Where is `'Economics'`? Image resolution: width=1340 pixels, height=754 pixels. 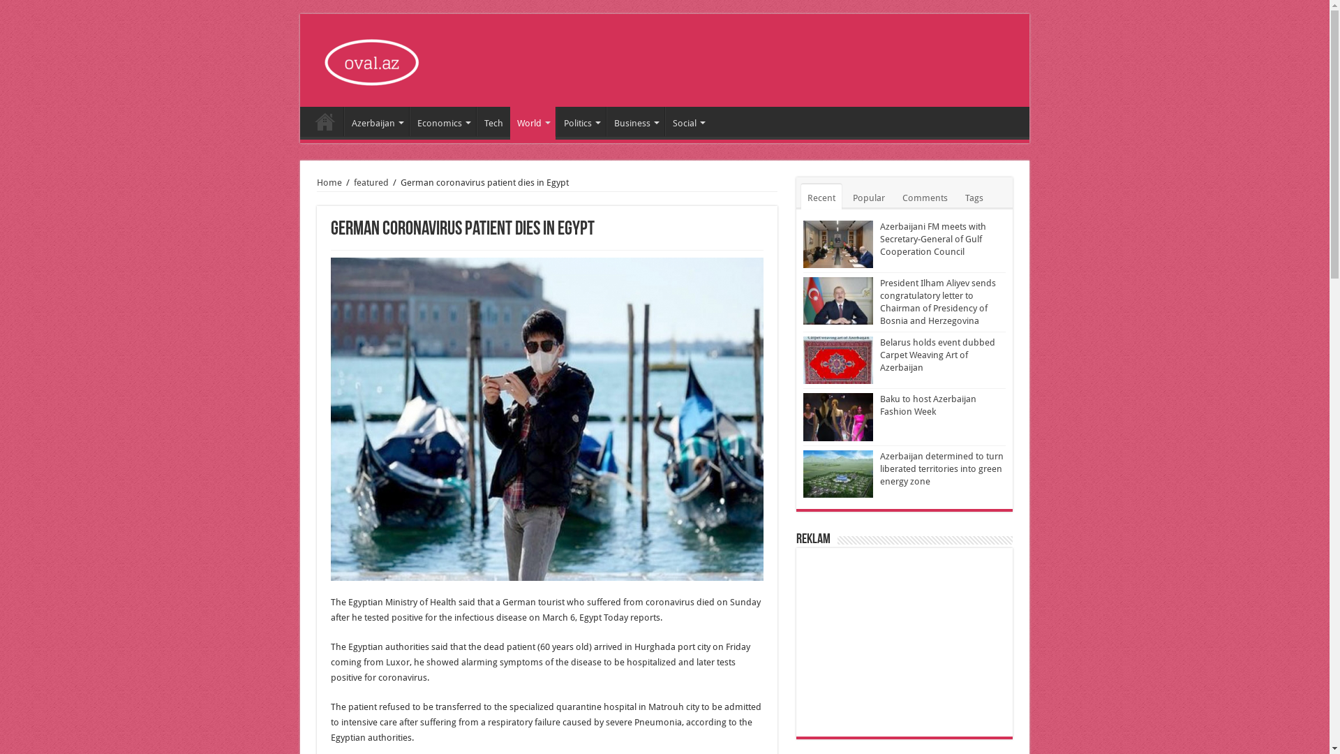
'Economics' is located at coordinates (442, 120).